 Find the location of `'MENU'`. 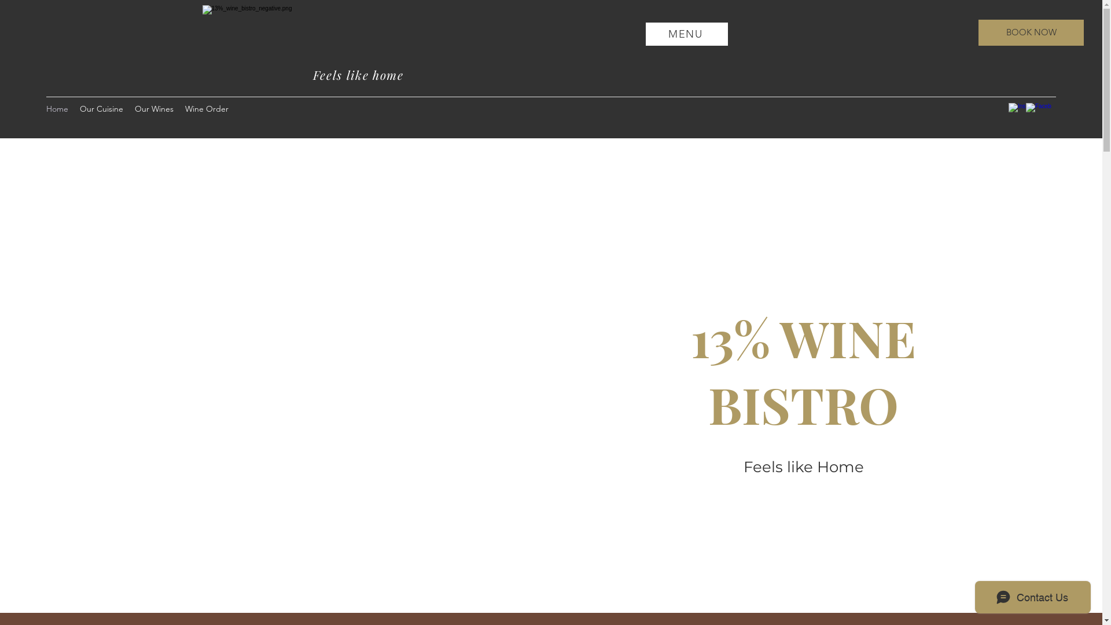

'MENU' is located at coordinates (686, 33).